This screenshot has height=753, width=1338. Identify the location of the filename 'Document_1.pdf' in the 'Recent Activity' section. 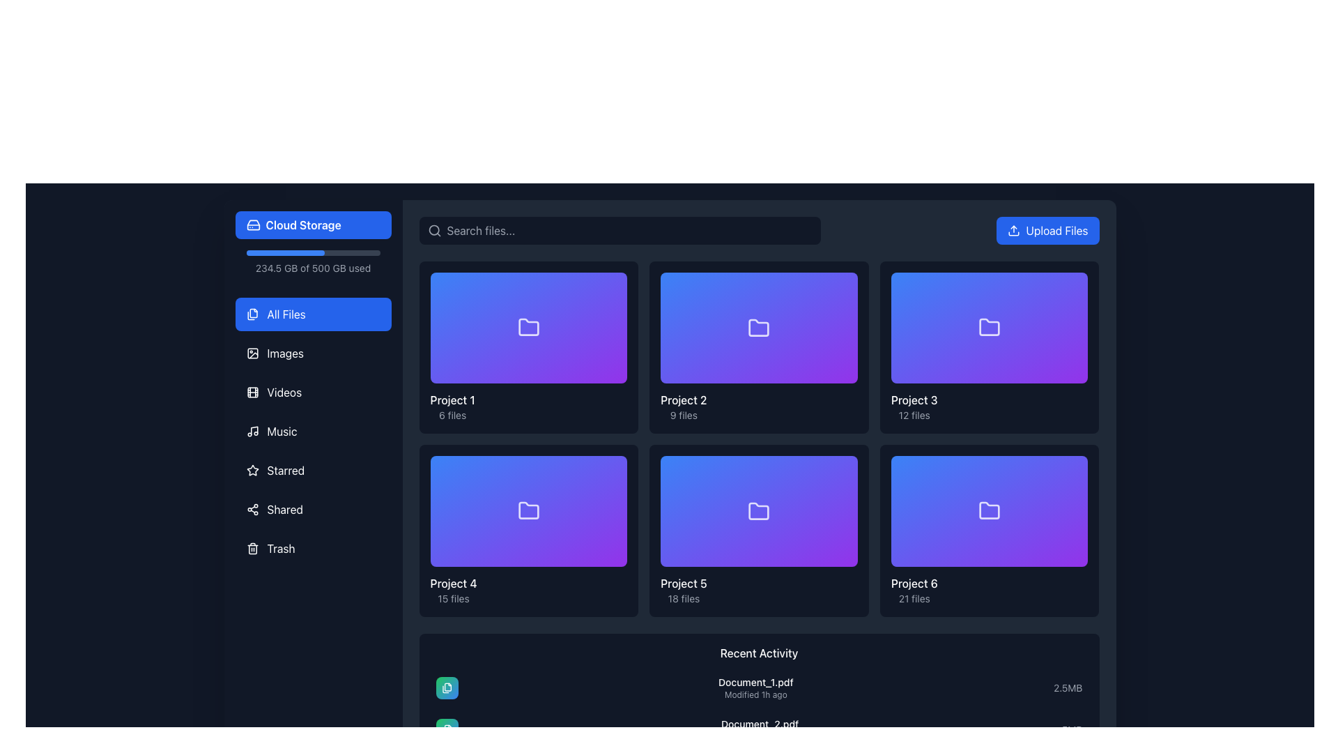
(758, 687).